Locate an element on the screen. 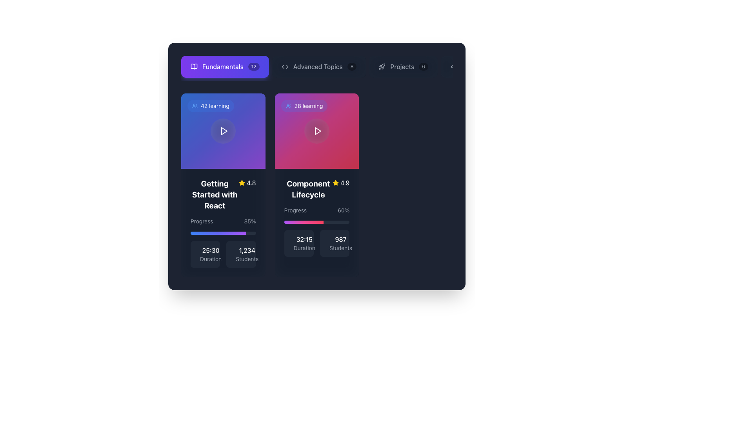 Image resolution: width=753 pixels, height=424 pixels. the small rectangular badge with a translucent black background displaying the number '8', located to the right of the text 'Advanced Topics' is located at coordinates (351, 66).